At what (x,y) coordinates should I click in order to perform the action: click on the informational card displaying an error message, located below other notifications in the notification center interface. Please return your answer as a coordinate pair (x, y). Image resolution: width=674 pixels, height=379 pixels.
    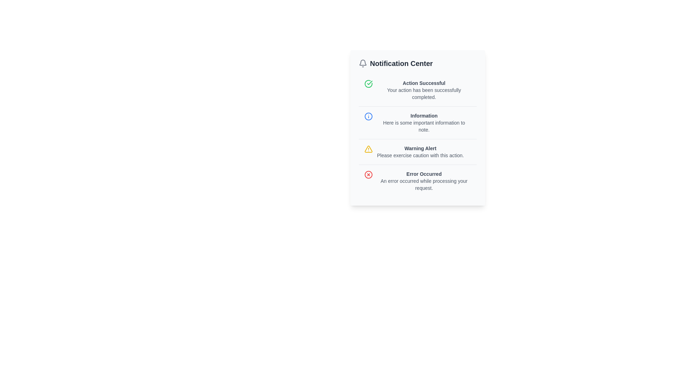
    Looking at the image, I should click on (418, 181).